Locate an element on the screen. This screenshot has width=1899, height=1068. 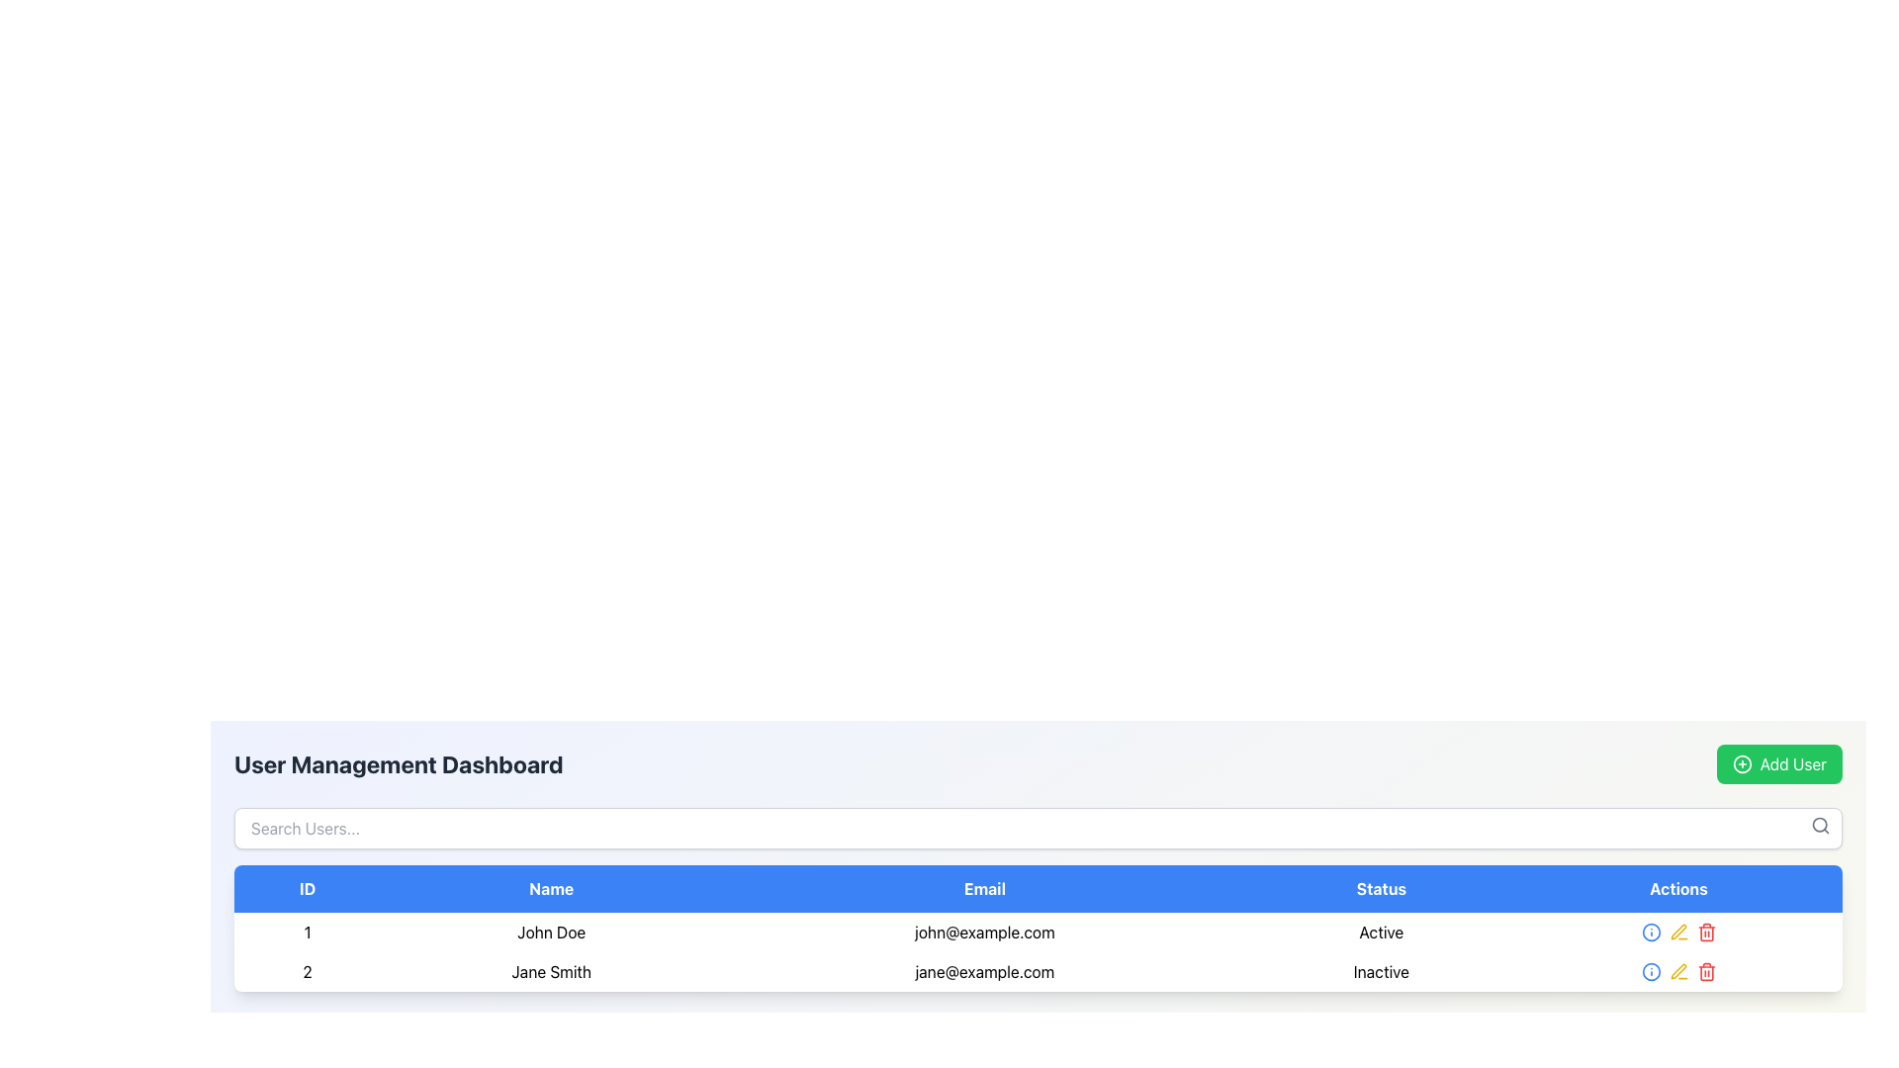
the yellow edit icon in the second row of the 'Actions' column of the data table to modify data is located at coordinates (1677, 971).